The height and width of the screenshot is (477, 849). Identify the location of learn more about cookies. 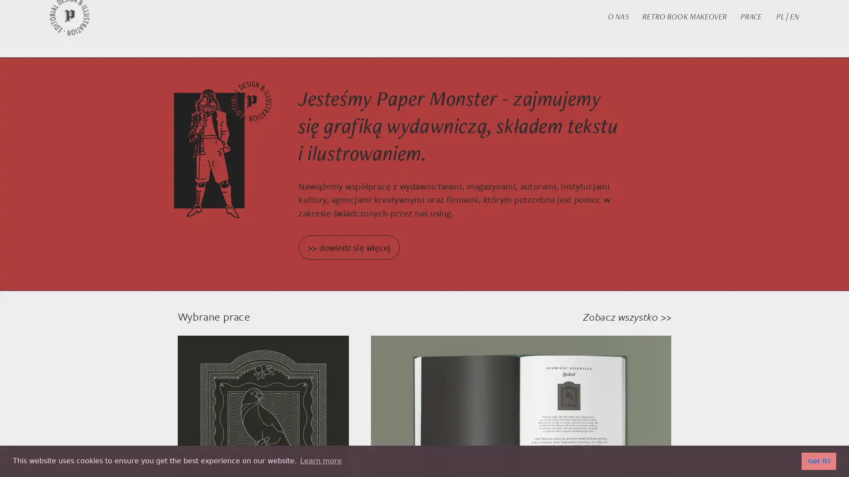
(320, 461).